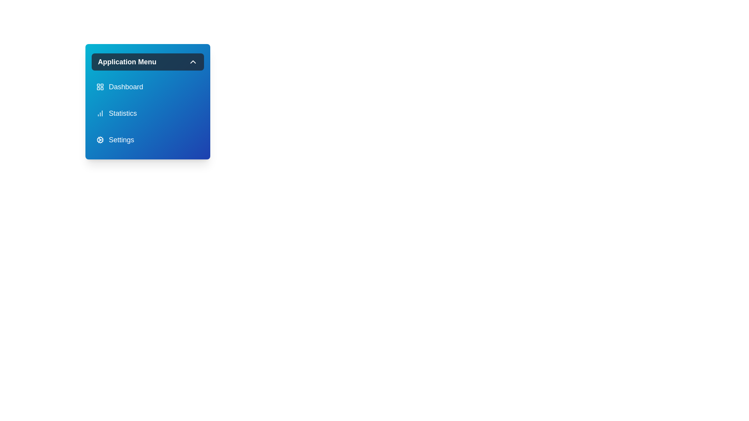 The height and width of the screenshot is (421, 749). What do you see at coordinates (148, 139) in the screenshot?
I see `the menu item labeled Settings to select it` at bounding box center [148, 139].